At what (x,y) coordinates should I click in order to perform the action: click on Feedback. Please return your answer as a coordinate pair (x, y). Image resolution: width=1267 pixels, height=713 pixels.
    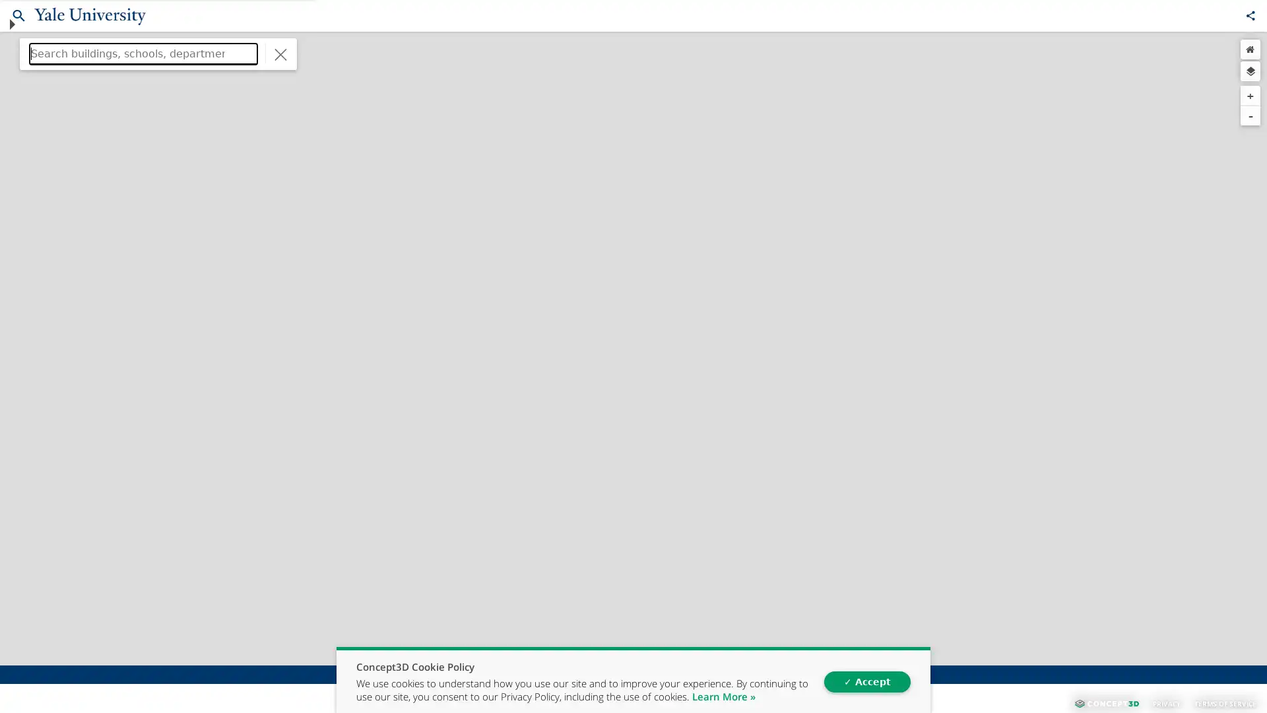
    Looking at the image, I should click on (1194, 15).